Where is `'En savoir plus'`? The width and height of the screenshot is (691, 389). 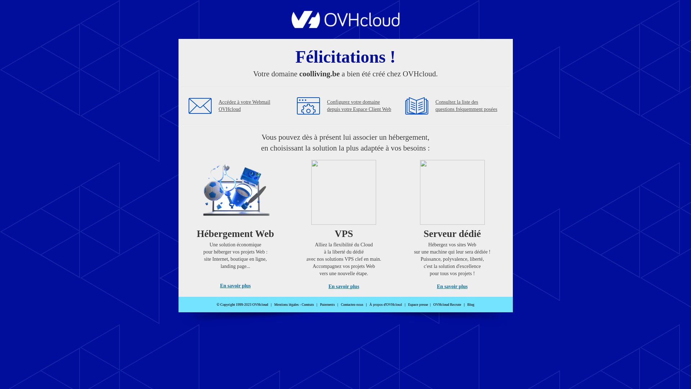 'En savoir plus' is located at coordinates (235, 285).